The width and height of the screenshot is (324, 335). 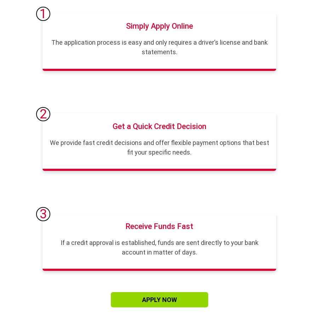 What do you see at coordinates (159, 300) in the screenshot?
I see `'Apply Now'` at bounding box center [159, 300].